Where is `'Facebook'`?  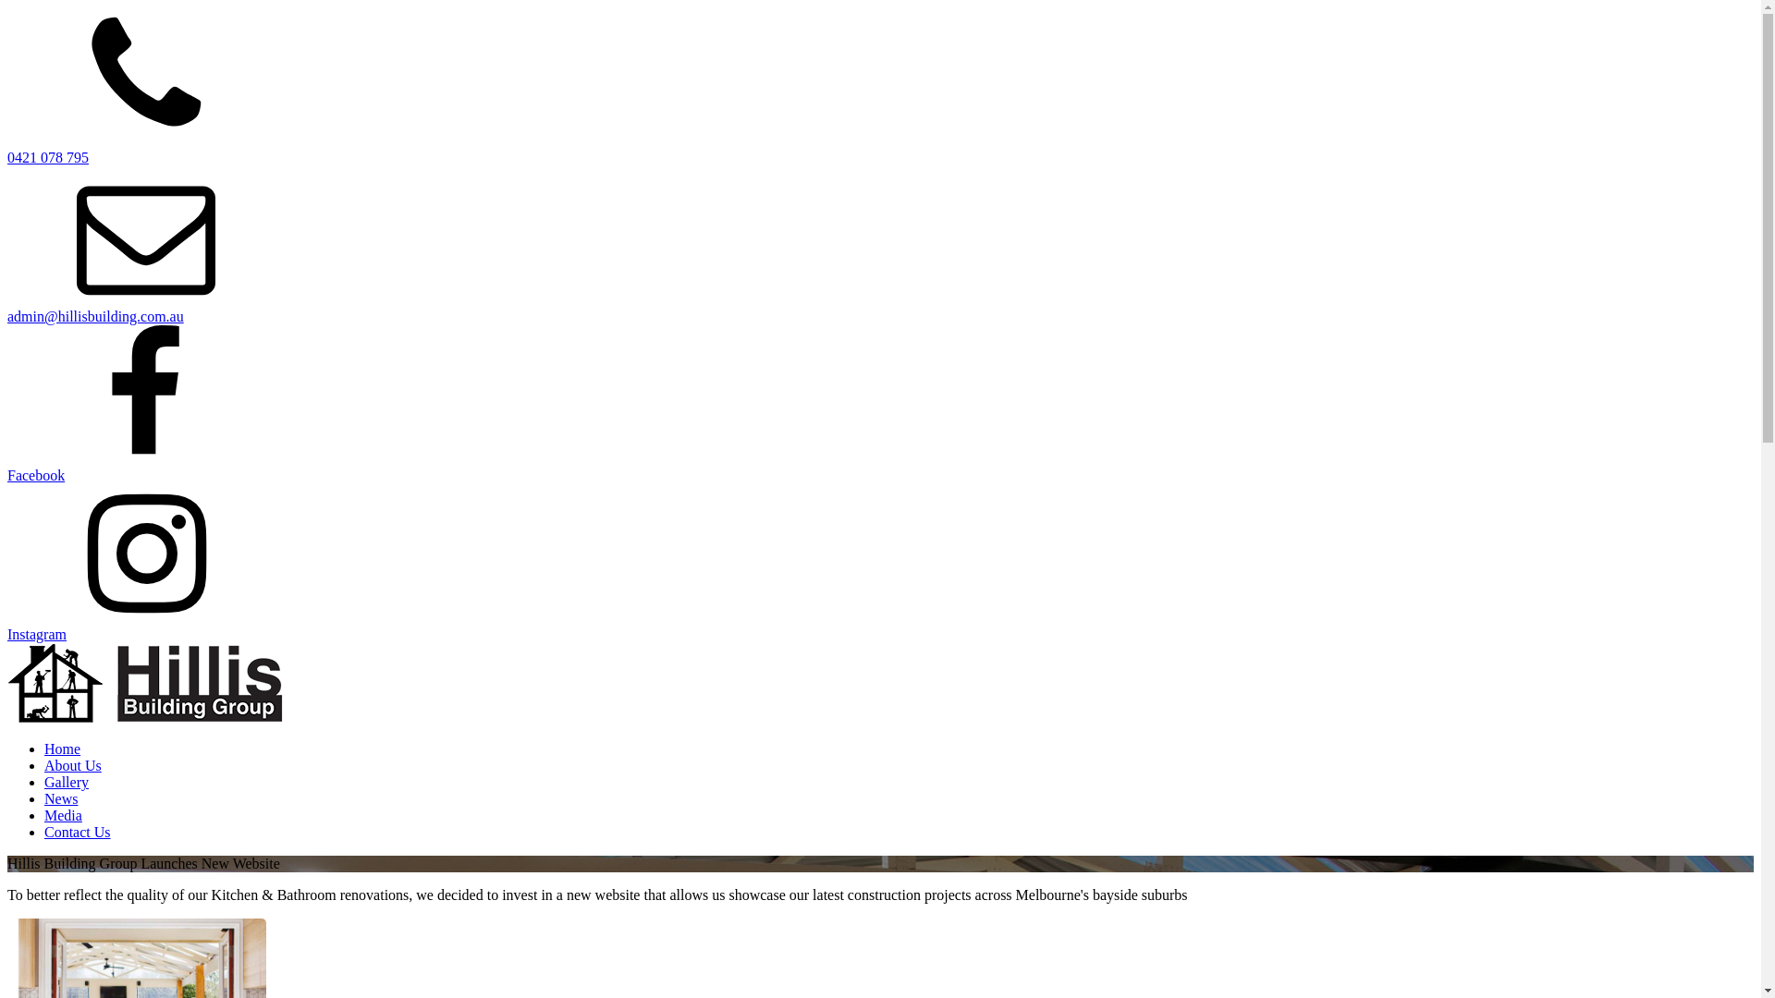
'Facebook' is located at coordinates (35, 474).